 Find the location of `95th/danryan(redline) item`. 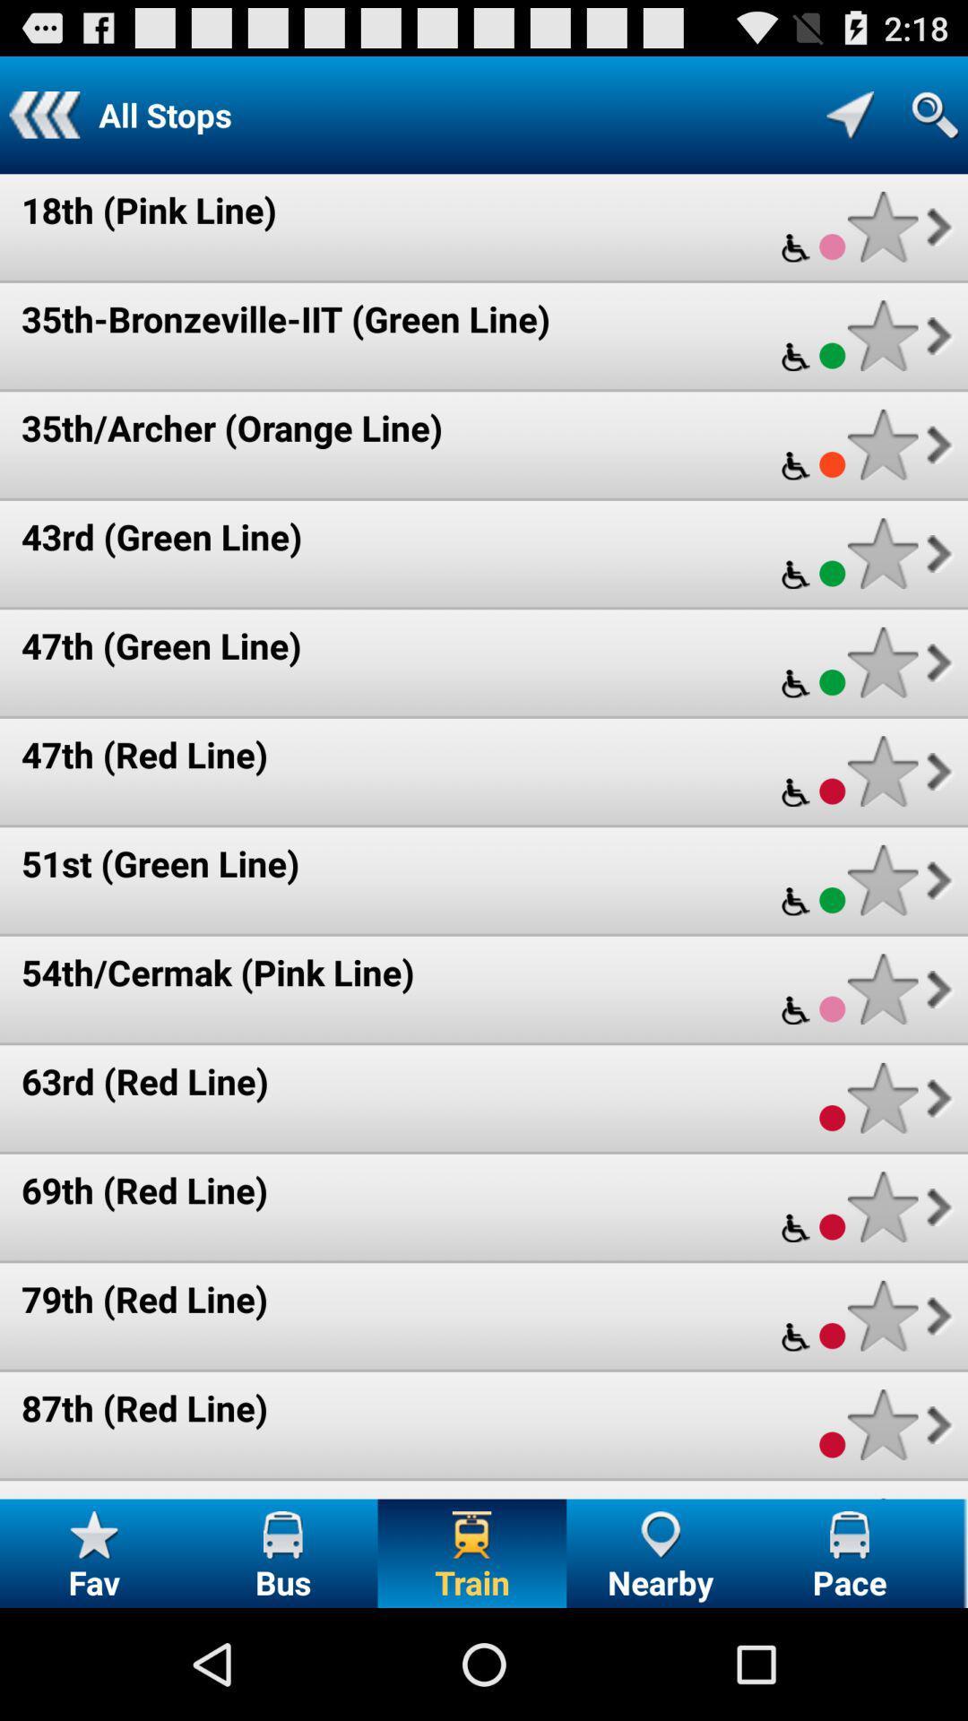

95th/danryan(redline) item is located at coordinates (212, 1496).